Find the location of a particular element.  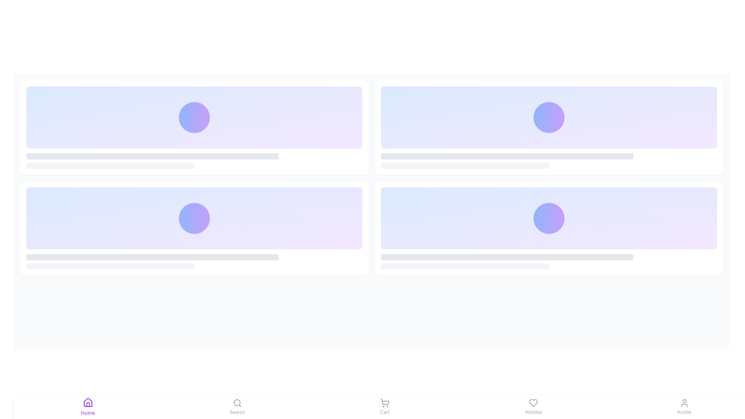

the first card in the top-left corner of the four-card grid layout, which serves a presentational role and displays summary information is located at coordinates (194, 127).